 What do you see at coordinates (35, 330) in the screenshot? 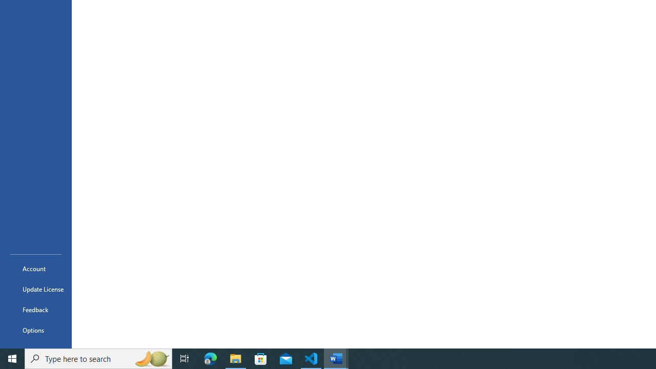
I see `'Options'` at bounding box center [35, 330].